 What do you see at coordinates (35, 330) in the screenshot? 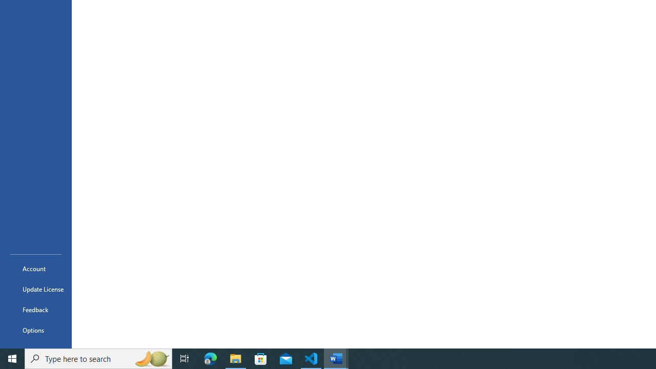
I see `'Options'` at bounding box center [35, 330].